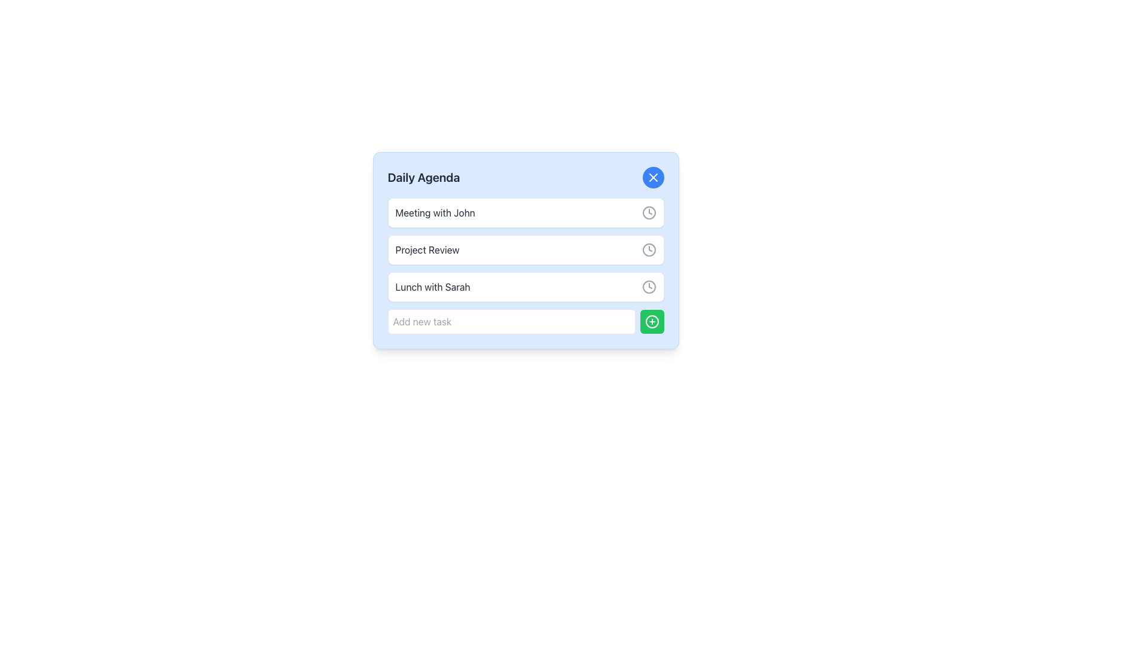 The height and width of the screenshot is (646, 1148). I want to click on the clock icon located to the right of the text 'Meeting with John', so click(648, 212).